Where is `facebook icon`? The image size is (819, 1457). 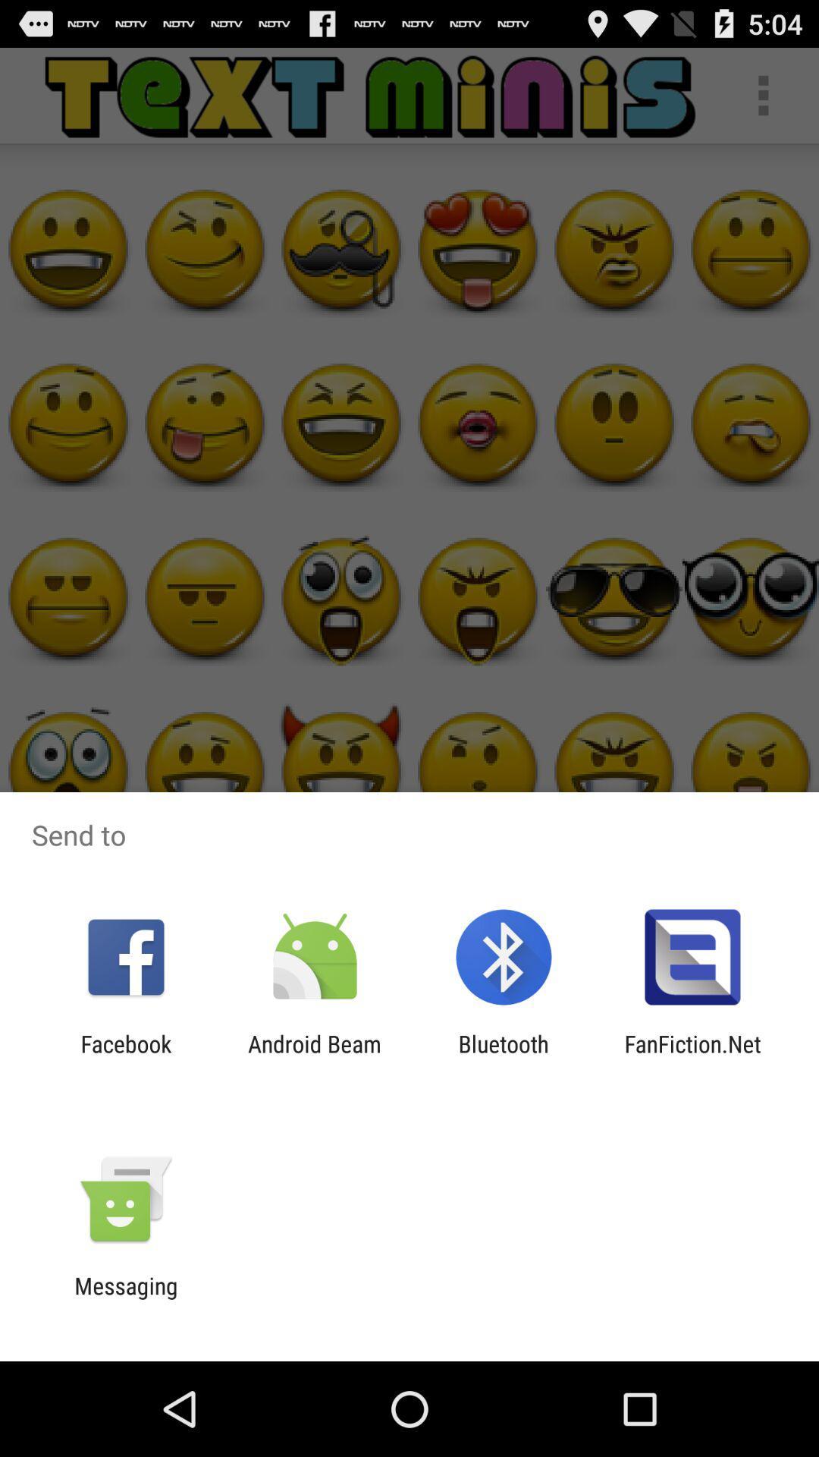 facebook icon is located at coordinates (125, 1056).